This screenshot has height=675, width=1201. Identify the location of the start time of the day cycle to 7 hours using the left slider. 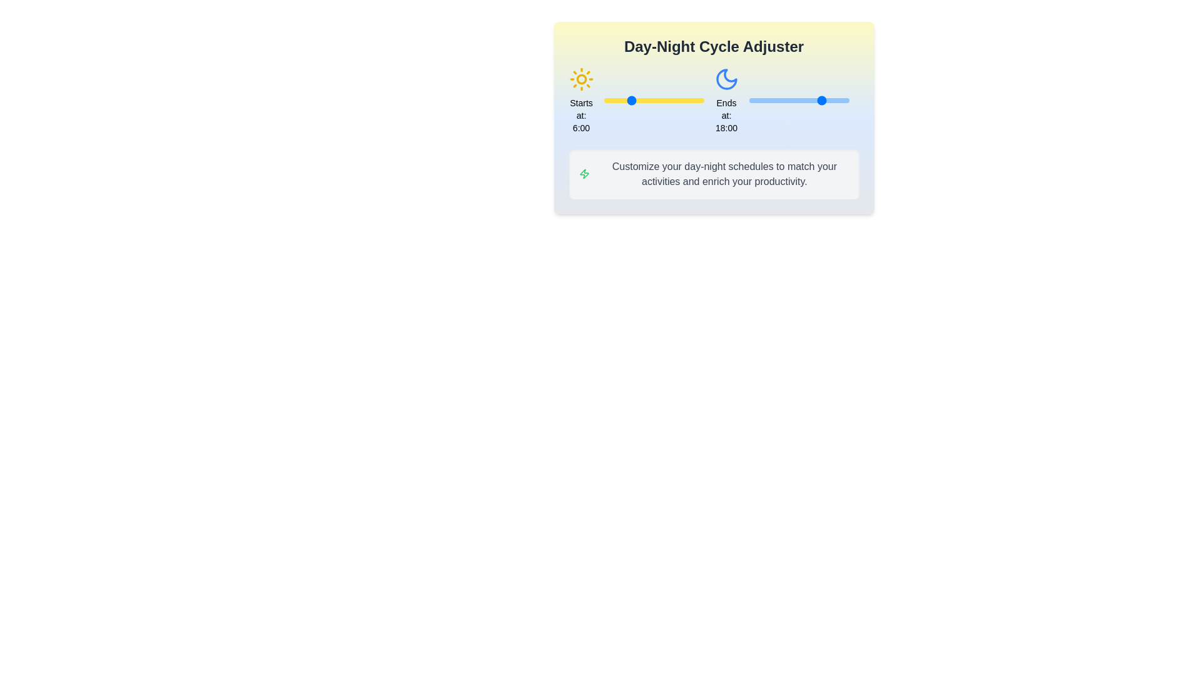
(633, 100).